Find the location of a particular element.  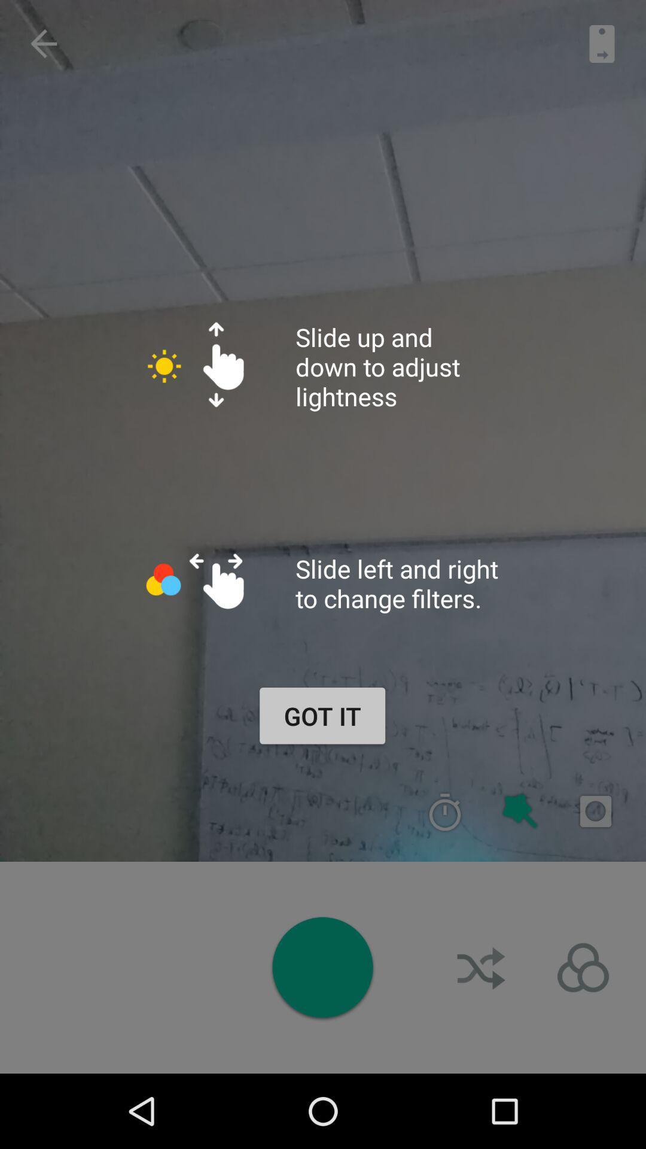

setting is located at coordinates (583, 968).